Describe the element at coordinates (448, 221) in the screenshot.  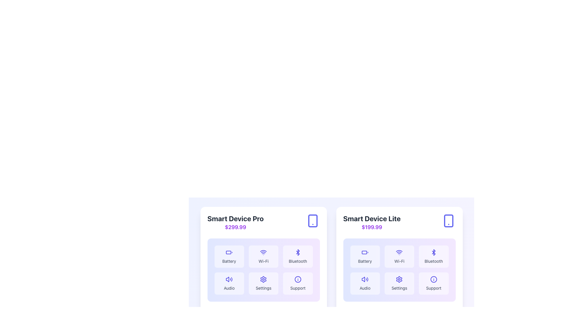
I see `the graphical icon part located in the top-right section of the card labeled 'Smart Device Lite', which is part of an SVG icon representing a smartphone` at that location.